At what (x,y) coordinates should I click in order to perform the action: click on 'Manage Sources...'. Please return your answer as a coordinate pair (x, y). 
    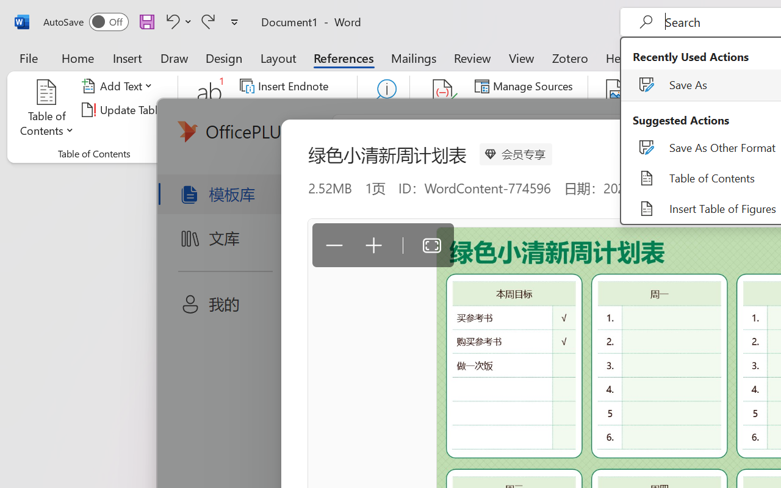
    Looking at the image, I should click on (526, 86).